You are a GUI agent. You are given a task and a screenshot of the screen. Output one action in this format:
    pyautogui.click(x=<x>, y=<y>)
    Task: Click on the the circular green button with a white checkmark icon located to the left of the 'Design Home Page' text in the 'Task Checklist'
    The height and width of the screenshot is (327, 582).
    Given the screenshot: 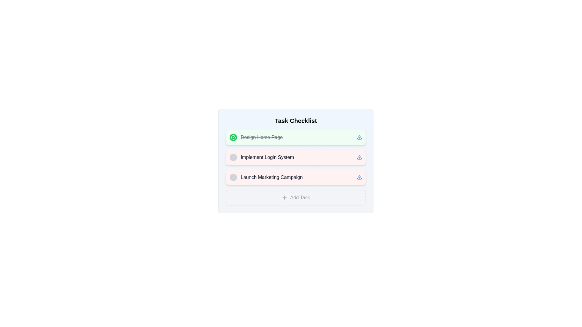 What is the action you would take?
    pyautogui.click(x=233, y=137)
    